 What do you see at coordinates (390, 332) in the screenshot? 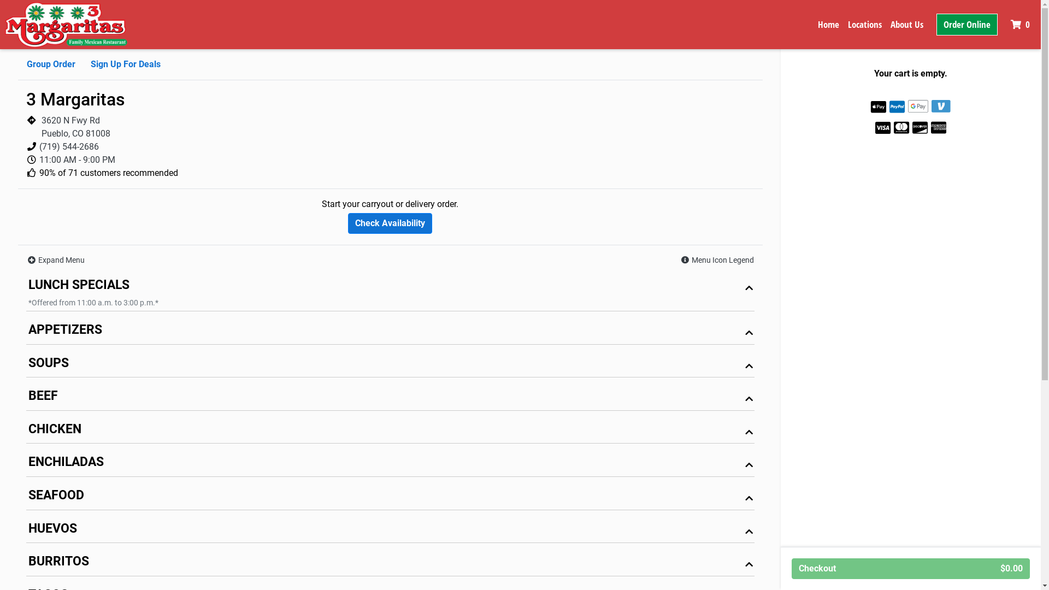
I see `'APPETIZERS'` at bounding box center [390, 332].